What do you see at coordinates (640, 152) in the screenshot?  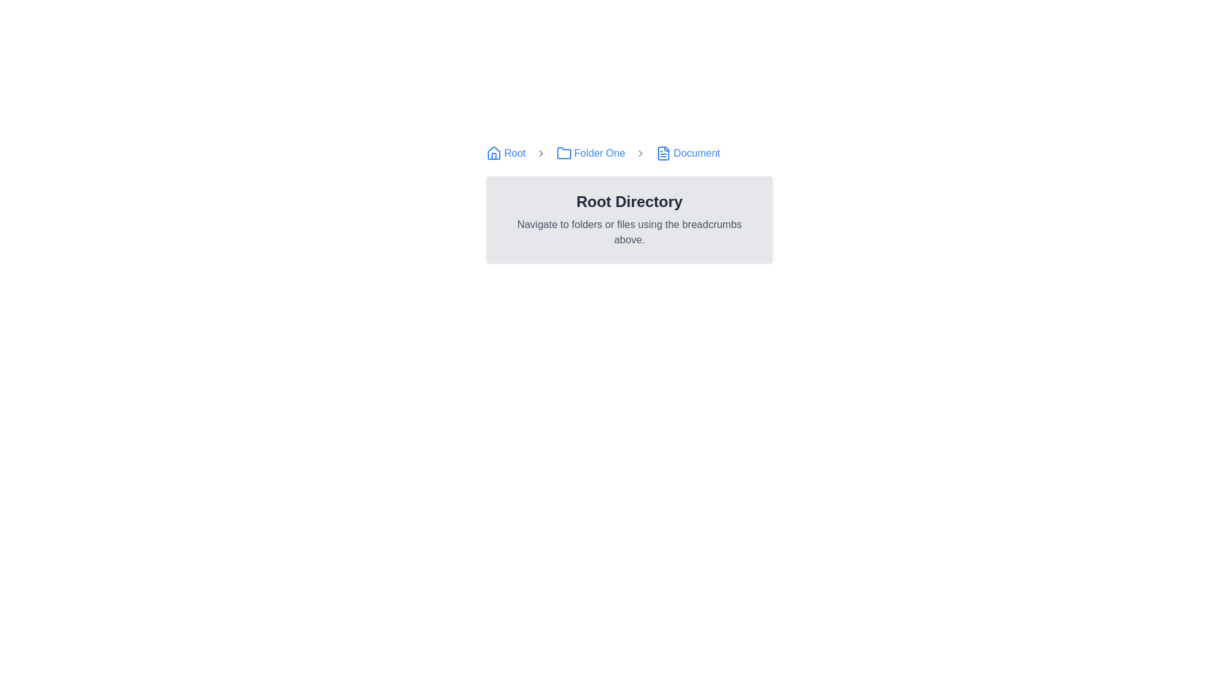 I see `the right-pointing chevron icon in the breadcrumb trail, which is styled in gray and positioned between 'Folder One' and 'Document'` at bounding box center [640, 152].